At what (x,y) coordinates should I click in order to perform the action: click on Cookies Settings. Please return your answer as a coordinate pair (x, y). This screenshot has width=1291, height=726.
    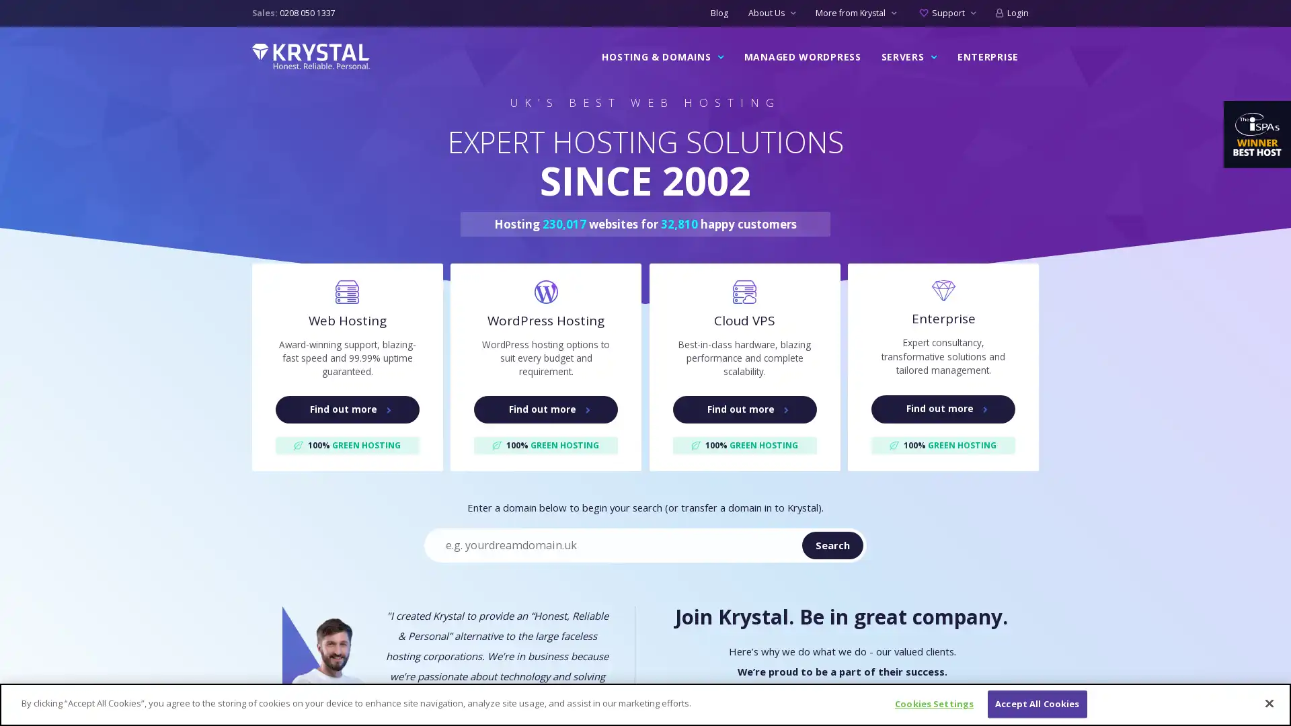
    Looking at the image, I should click on (933, 703).